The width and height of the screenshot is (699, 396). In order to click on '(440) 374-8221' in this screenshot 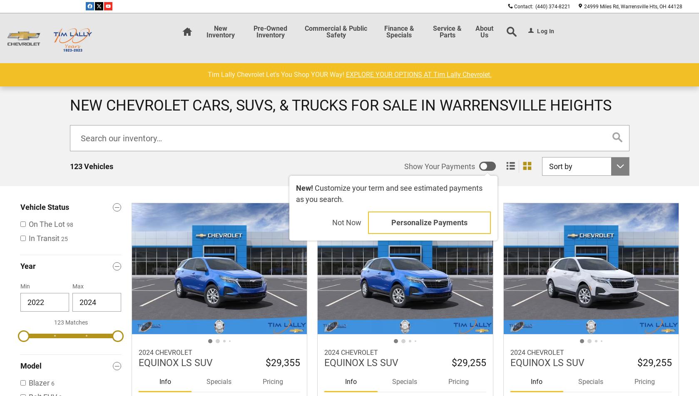, I will do `click(552, 6)`.